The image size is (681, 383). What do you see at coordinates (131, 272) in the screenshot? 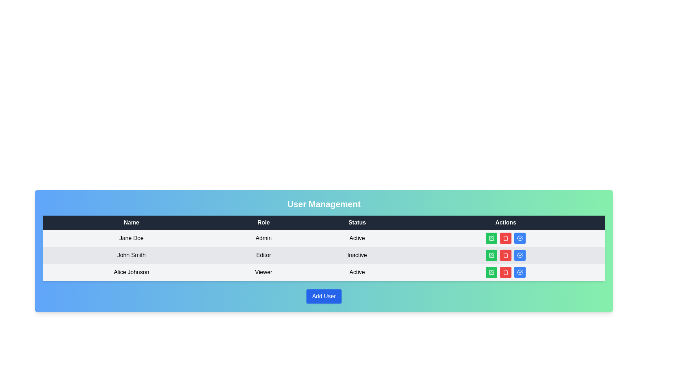
I see `the static text displaying 'Alice Johnson' in the third row of the 'Name' column of the user management table` at bounding box center [131, 272].